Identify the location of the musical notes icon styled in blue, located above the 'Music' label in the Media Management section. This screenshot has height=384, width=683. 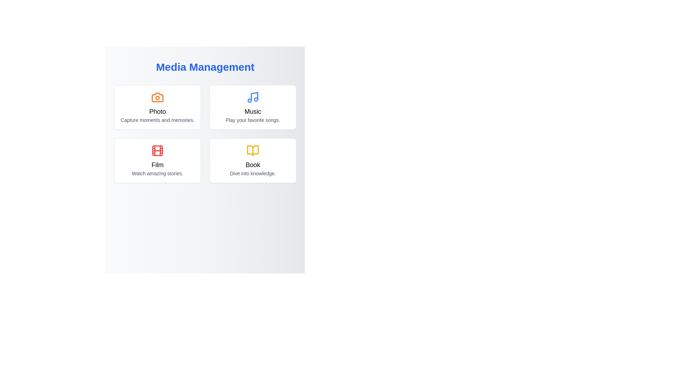
(253, 97).